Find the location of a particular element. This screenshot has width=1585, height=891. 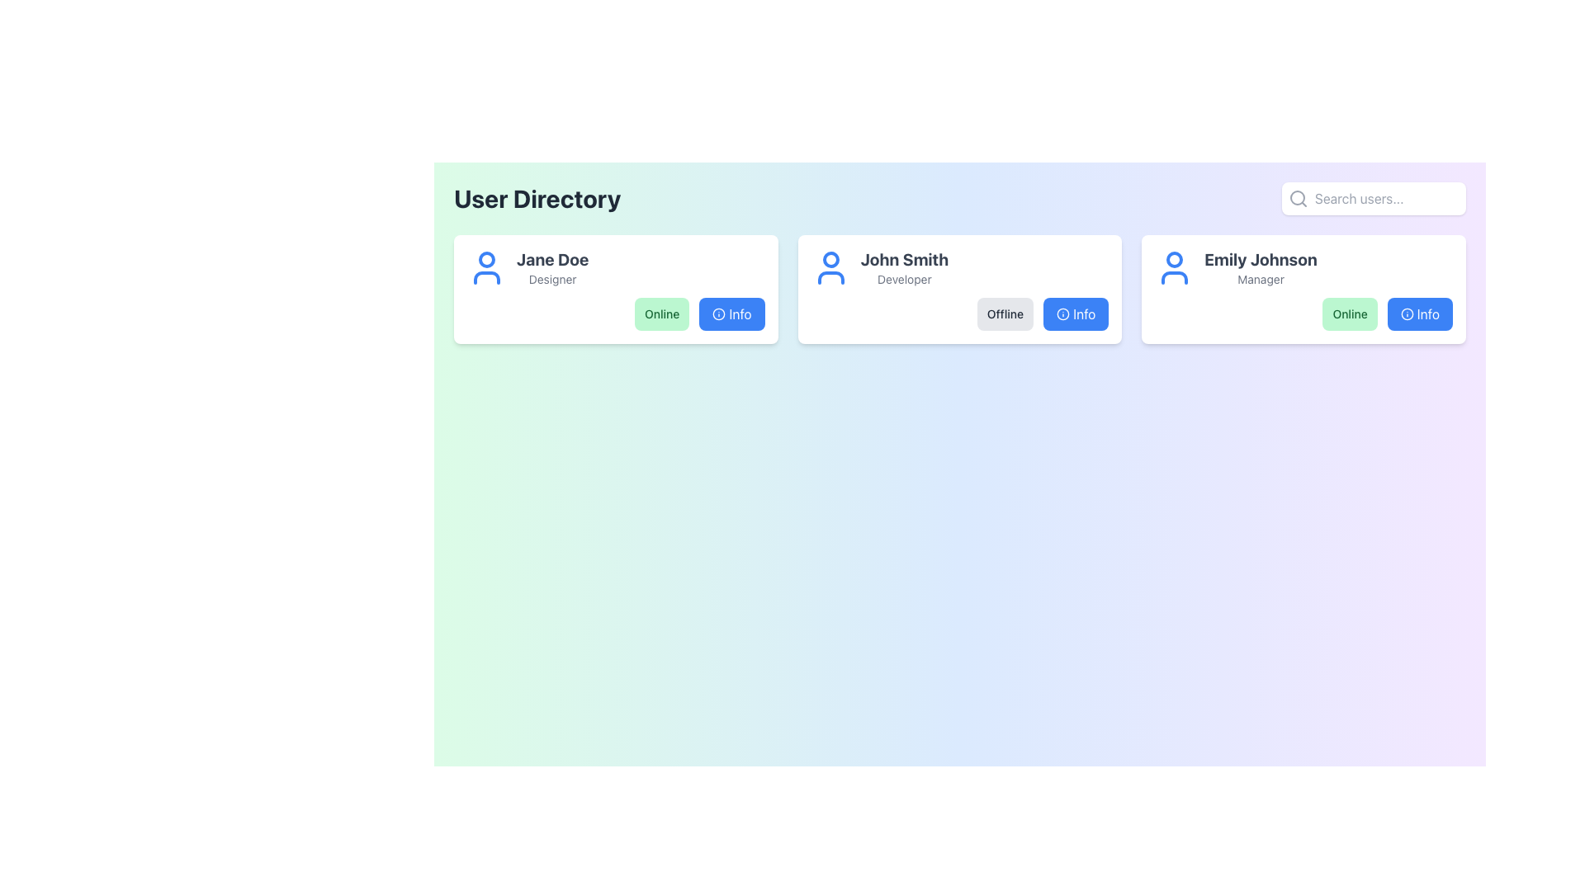

the search bar in the top-right corner of the 'User Directory' interface to focus on the text input field and type a query is located at coordinates (1374, 197).